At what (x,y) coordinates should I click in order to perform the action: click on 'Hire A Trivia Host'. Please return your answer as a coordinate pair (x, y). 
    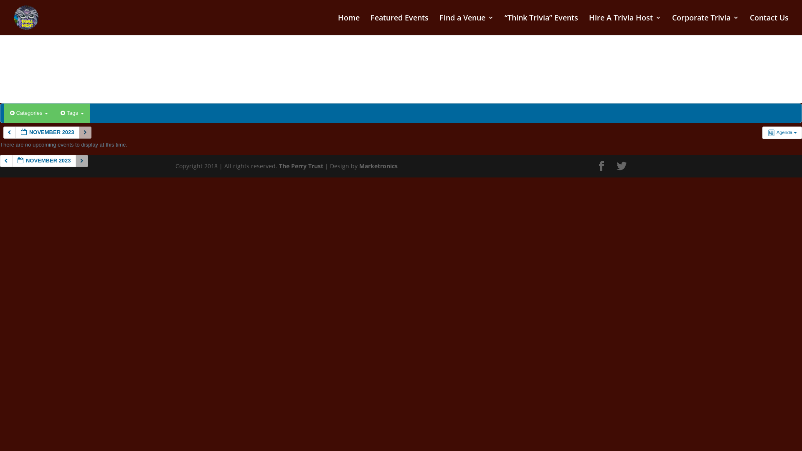
    Looking at the image, I should click on (625, 24).